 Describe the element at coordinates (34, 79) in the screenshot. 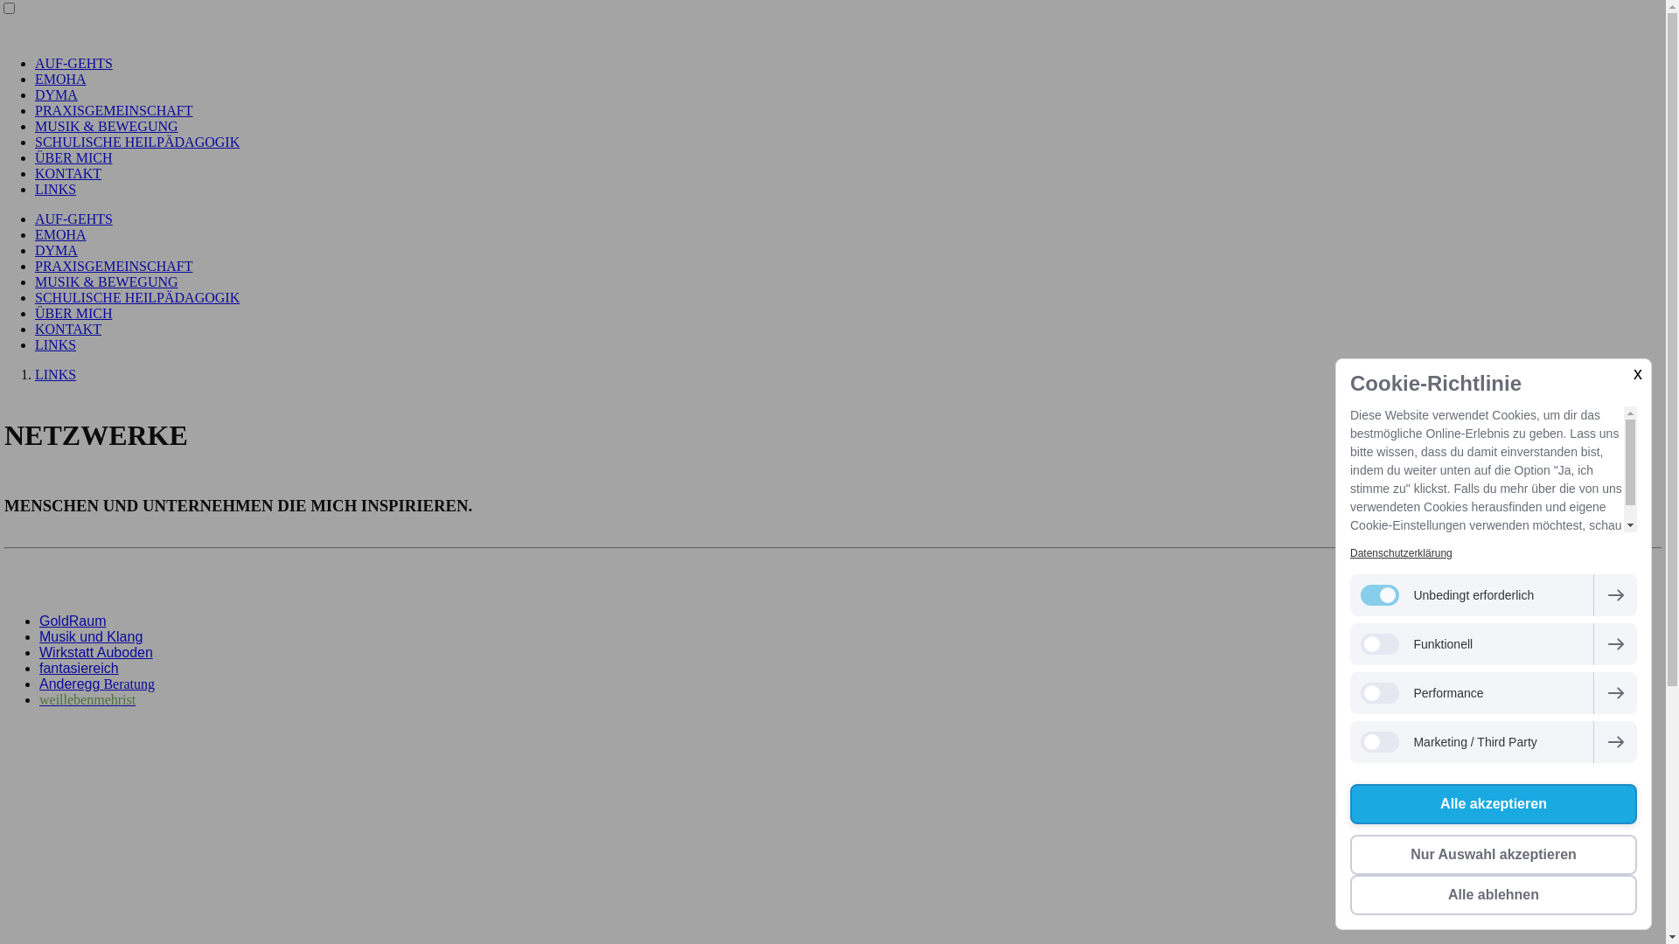

I see `'EMOHA'` at that location.